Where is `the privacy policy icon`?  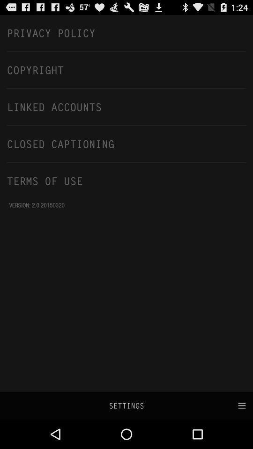 the privacy policy icon is located at coordinates (126, 33).